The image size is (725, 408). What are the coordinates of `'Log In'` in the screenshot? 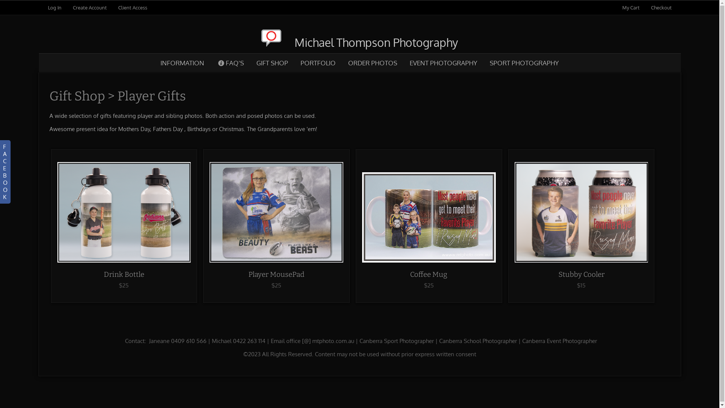 It's located at (47, 7).